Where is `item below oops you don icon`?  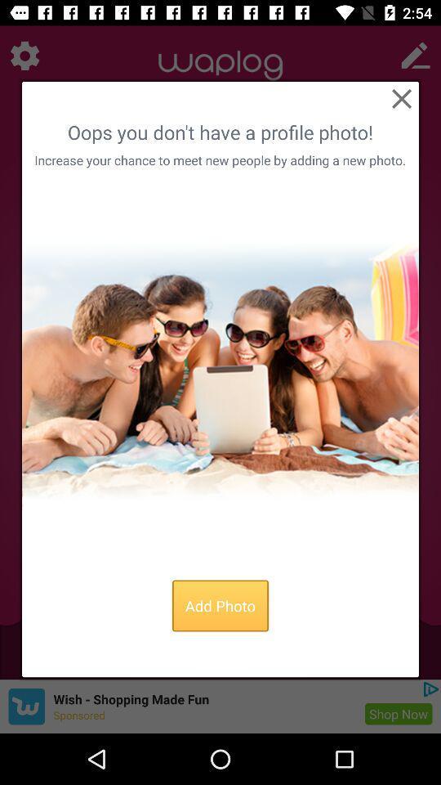 item below oops you don icon is located at coordinates (220, 159).